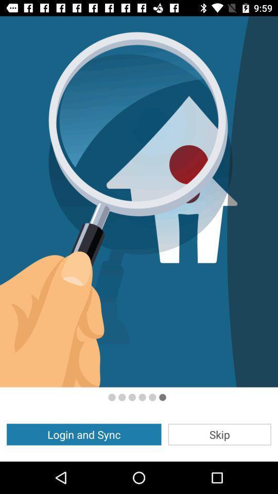  What do you see at coordinates (219, 434) in the screenshot?
I see `skip item` at bounding box center [219, 434].